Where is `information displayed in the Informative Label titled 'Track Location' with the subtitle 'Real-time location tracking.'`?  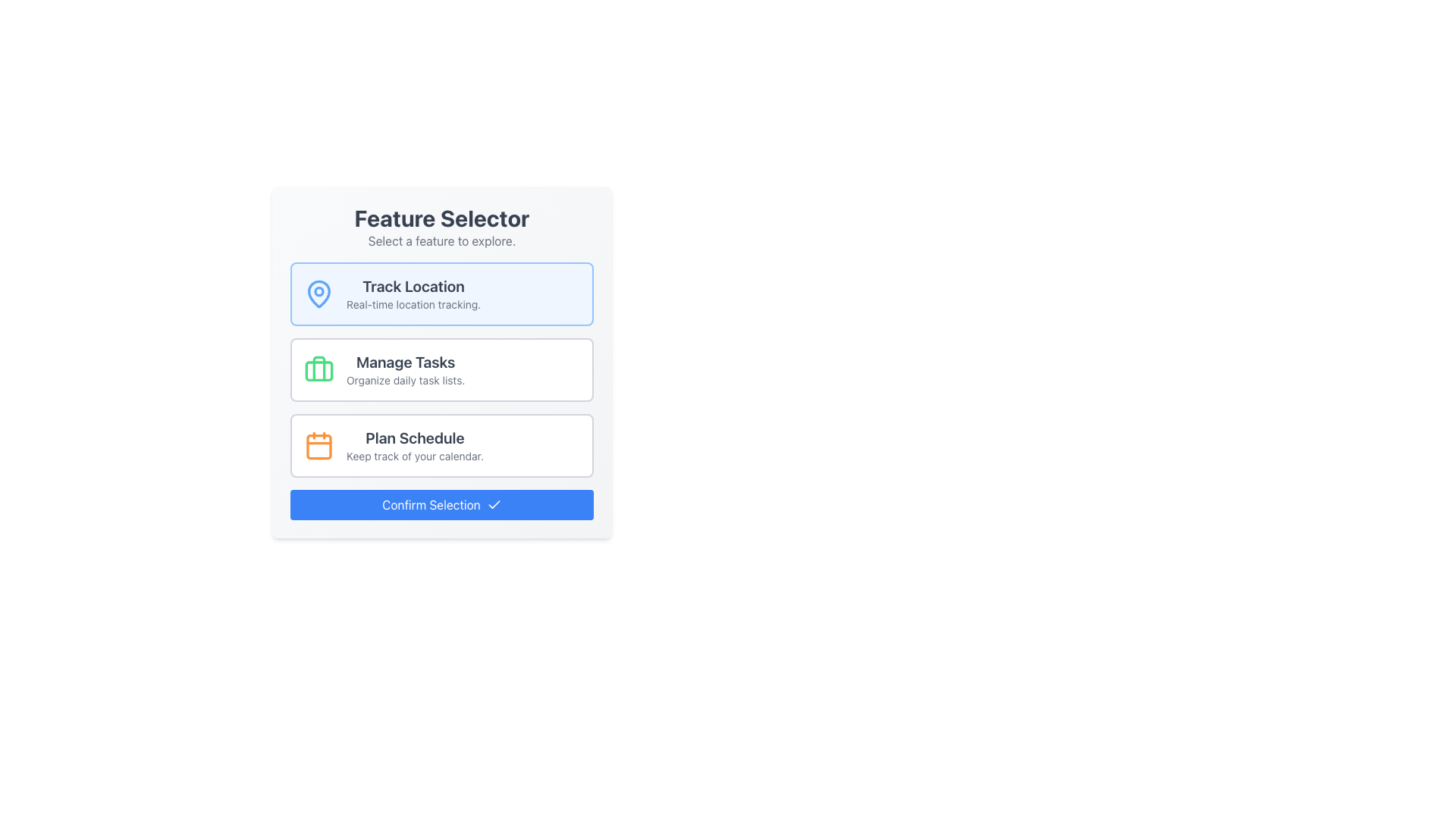 information displayed in the Informative Label titled 'Track Location' with the subtitle 'Real-time location tracking.' is located at coordinates (413, 294).